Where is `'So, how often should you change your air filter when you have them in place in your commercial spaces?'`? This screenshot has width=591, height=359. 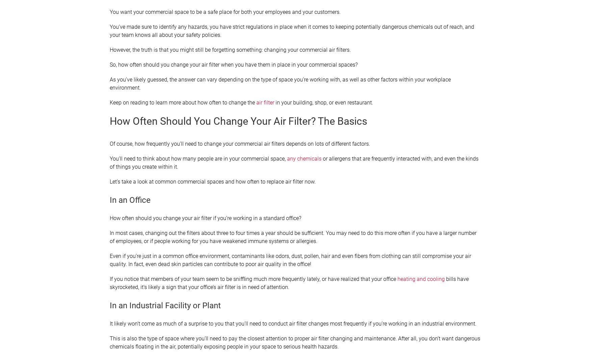 'So, how often should you change your air filter when you have them in place in your commercial spaces?' is located at coordinates (233, 65).